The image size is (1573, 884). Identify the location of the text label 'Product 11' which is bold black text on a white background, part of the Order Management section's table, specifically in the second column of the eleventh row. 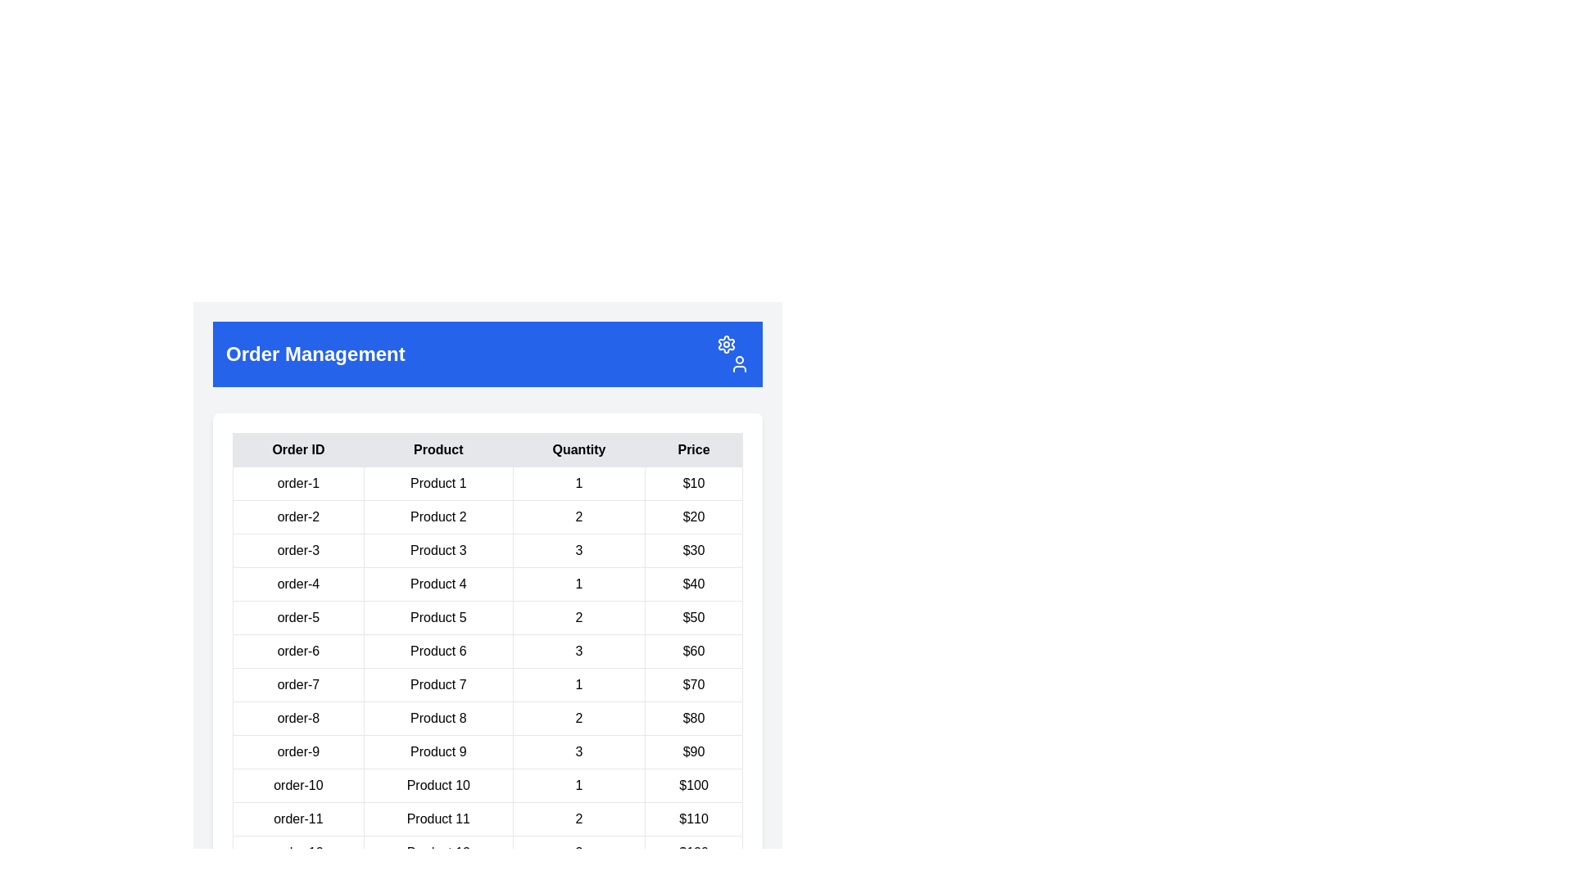
(438, 819).